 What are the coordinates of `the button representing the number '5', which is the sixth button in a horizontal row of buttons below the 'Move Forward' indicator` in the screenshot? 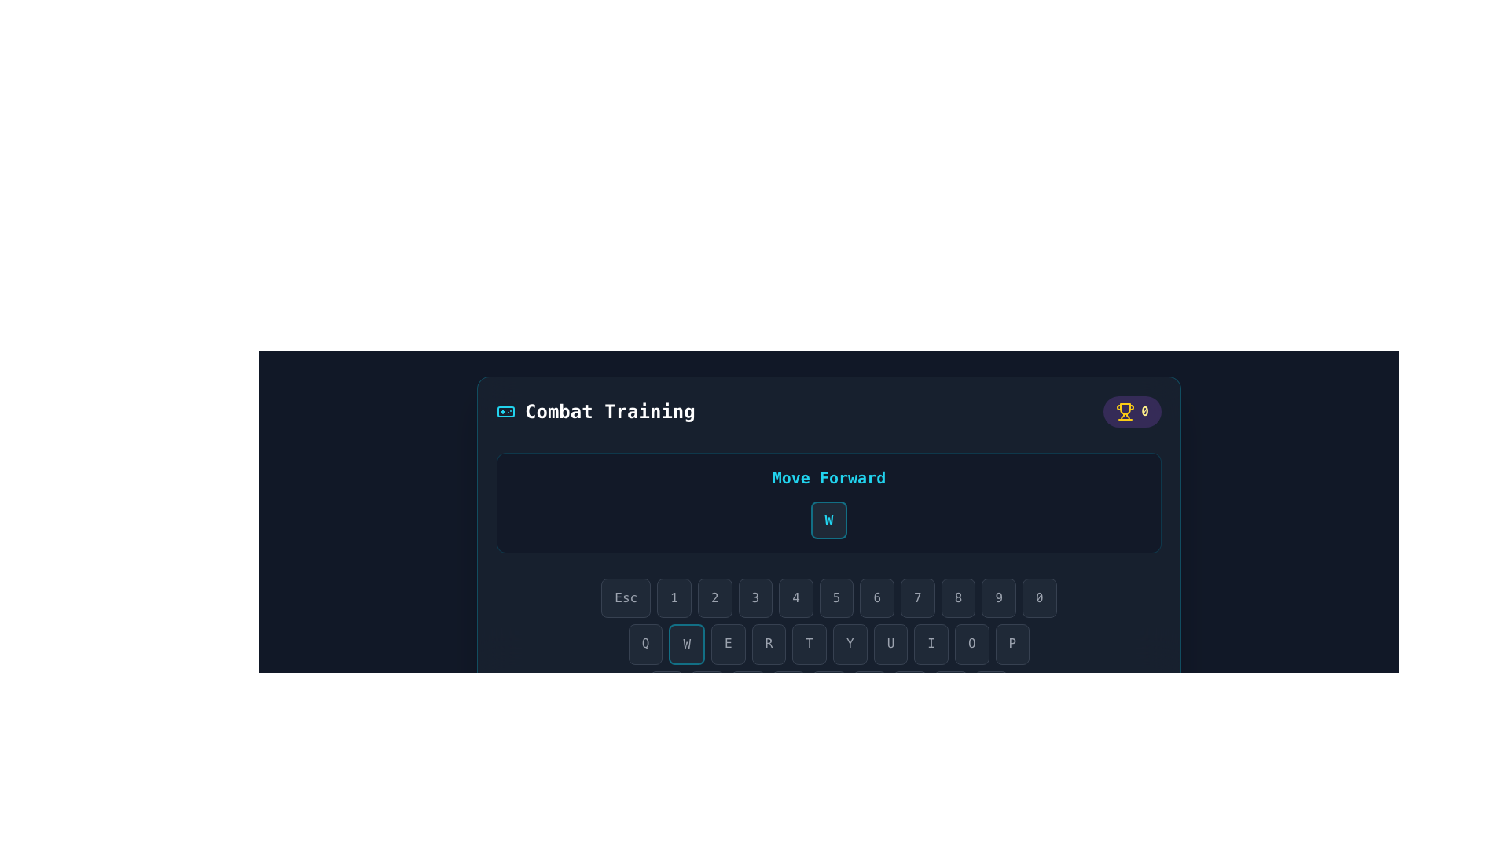 It's located at (835, 597).